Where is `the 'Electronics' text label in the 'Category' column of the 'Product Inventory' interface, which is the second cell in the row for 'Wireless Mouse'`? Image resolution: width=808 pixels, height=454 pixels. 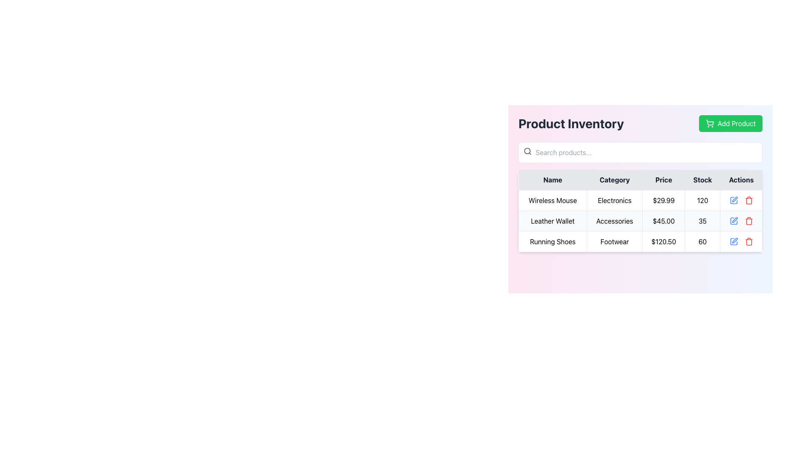
the 'Electronics' text label in the 'Category' column of the 'Product Inventory' interface, which is the second cell in the row for 'Wireless Mouse' is located at coordinates (614, 201).